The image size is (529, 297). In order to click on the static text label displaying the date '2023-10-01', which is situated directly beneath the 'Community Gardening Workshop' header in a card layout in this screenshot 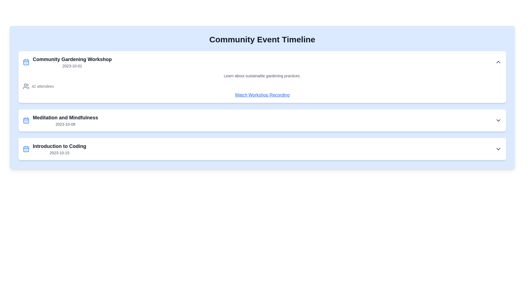, I will do `click(72, 65)`.